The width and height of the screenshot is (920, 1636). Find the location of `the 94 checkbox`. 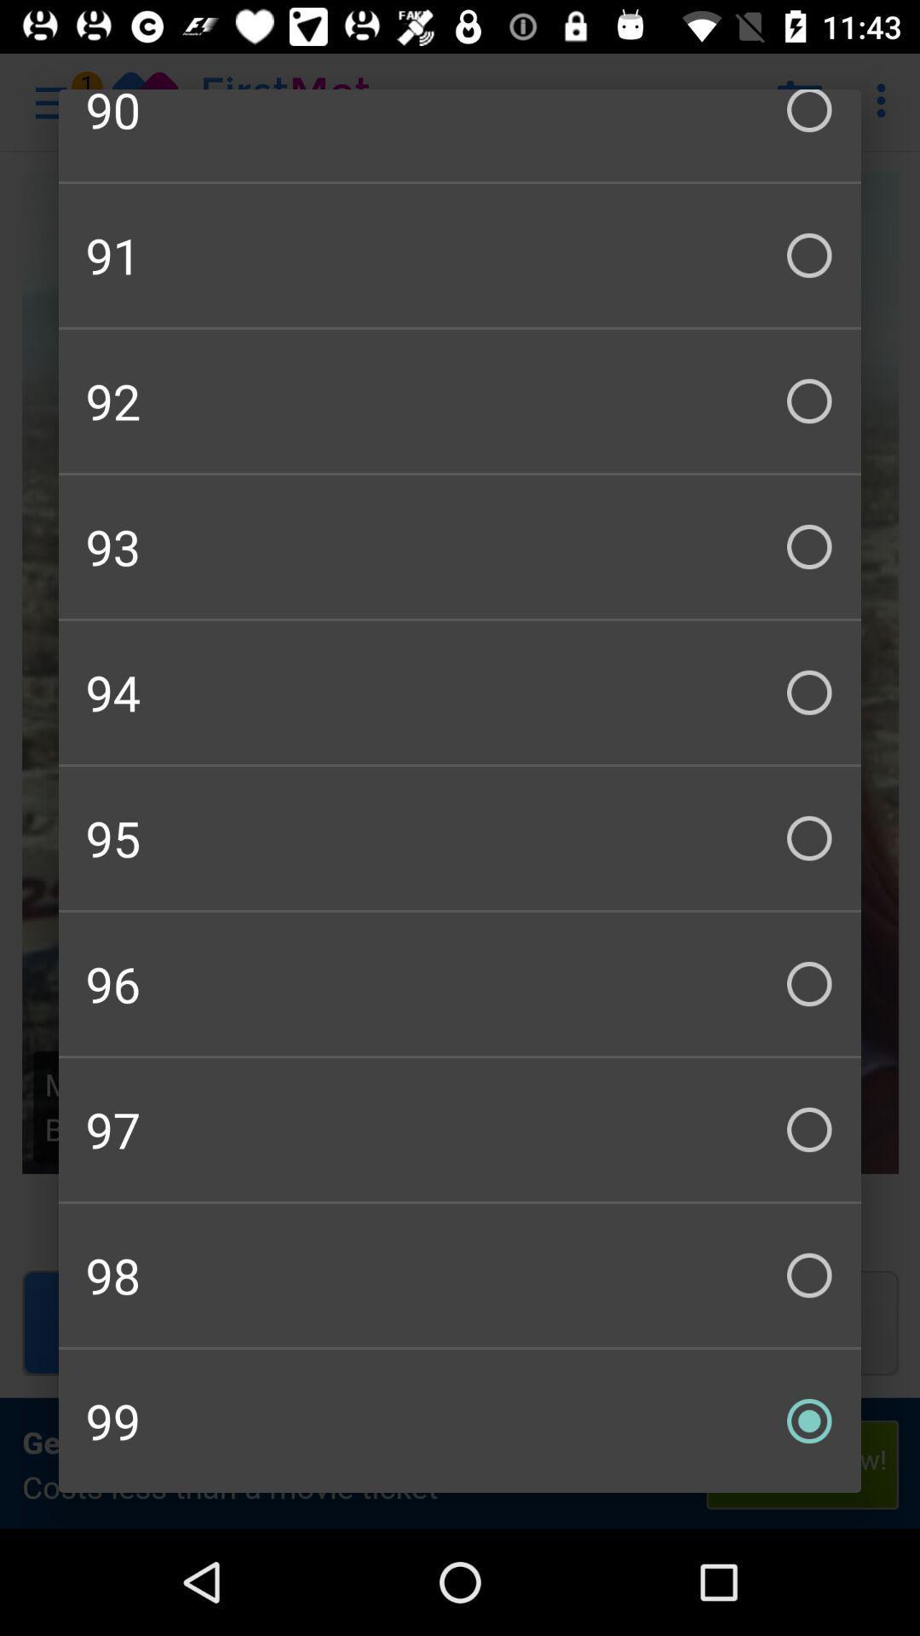

the 94 checkbox is located at coordinates (460, 692).